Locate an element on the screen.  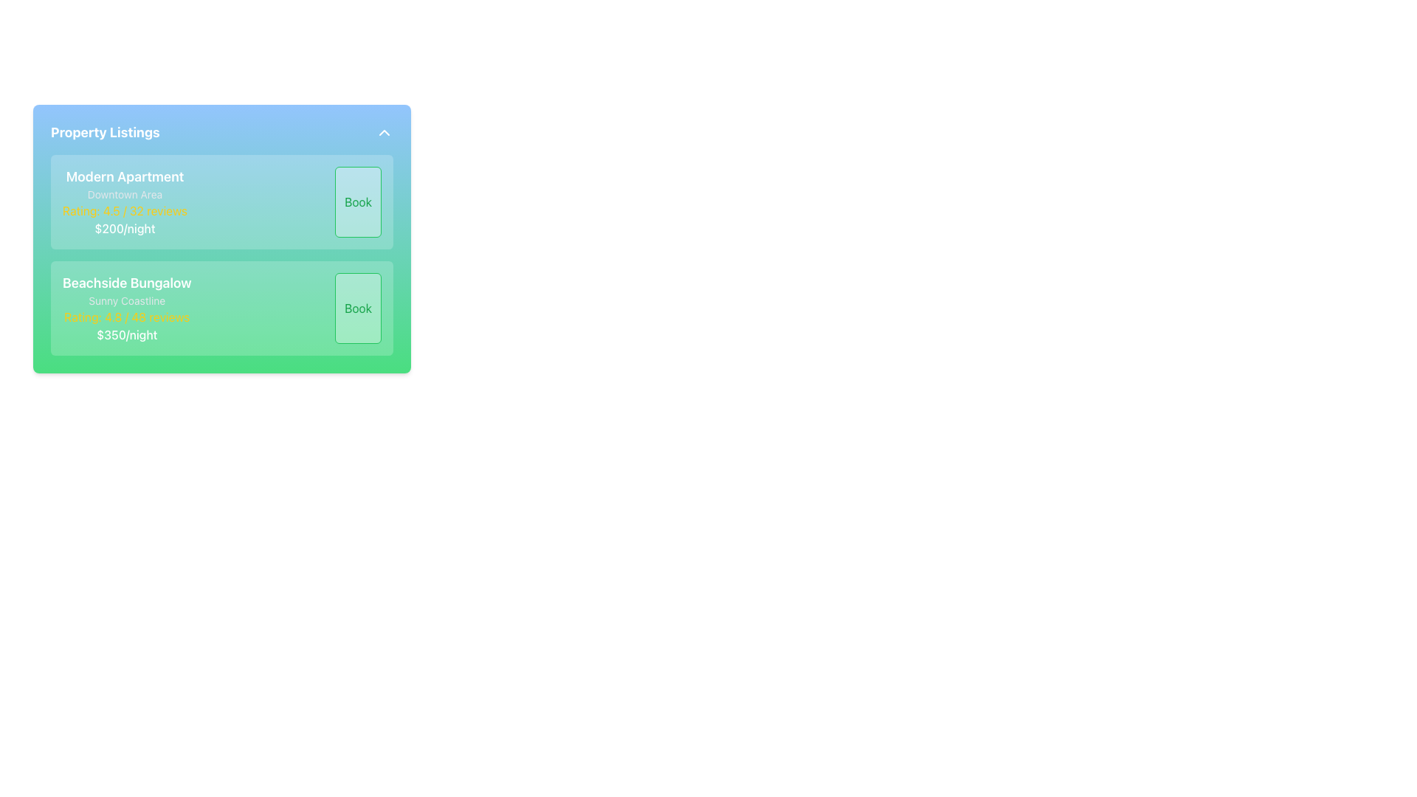
the Text Display Block featuring 'Beachside Bungalow' to trigger additional focus effects is located at coordinates (127, 307).